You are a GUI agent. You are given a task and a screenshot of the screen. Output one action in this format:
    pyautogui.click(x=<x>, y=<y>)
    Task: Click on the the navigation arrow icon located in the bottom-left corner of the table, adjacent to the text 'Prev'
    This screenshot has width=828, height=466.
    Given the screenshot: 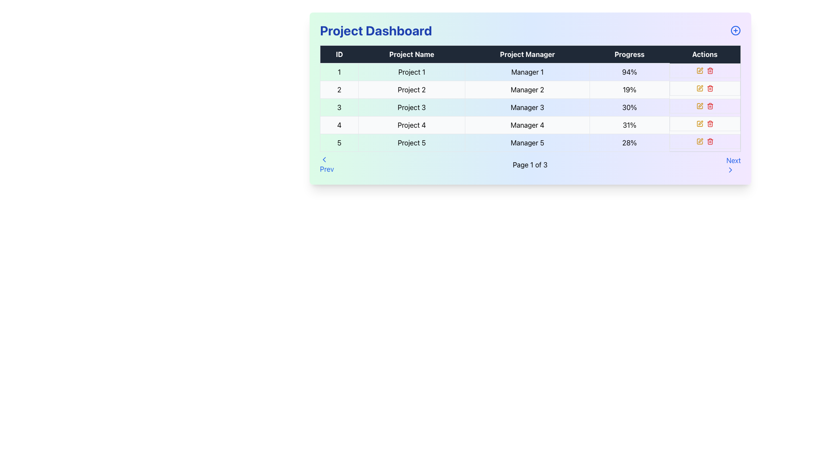 What is the action you would take?
    pyautogui.click(x=324, y=160)
    